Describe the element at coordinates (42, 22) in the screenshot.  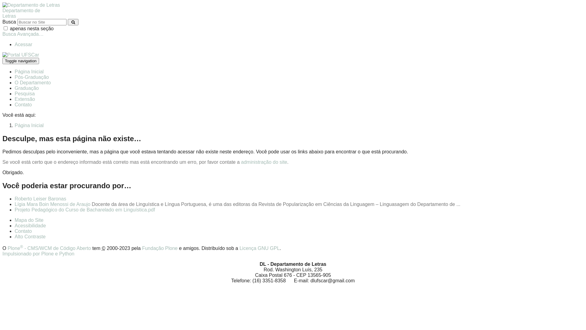
I see `'Buscar no Site'` at that location.